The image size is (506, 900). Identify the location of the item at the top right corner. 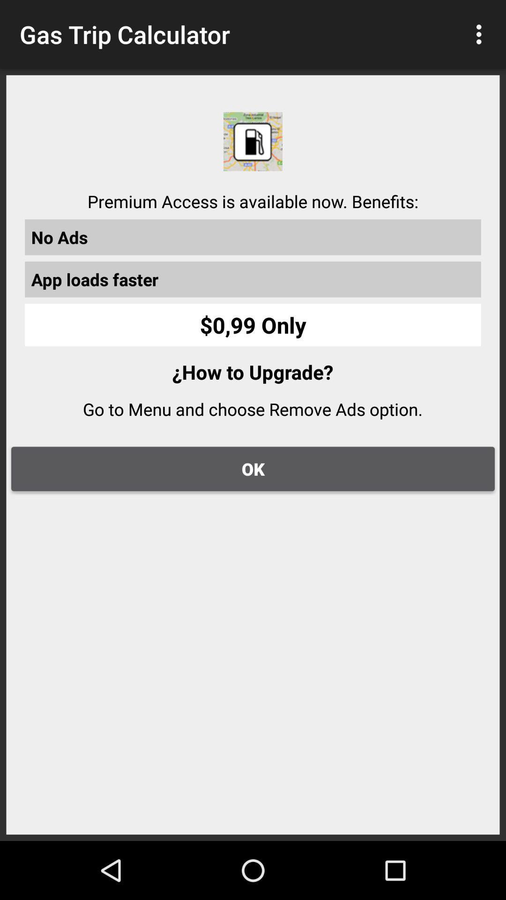
(481, 34).